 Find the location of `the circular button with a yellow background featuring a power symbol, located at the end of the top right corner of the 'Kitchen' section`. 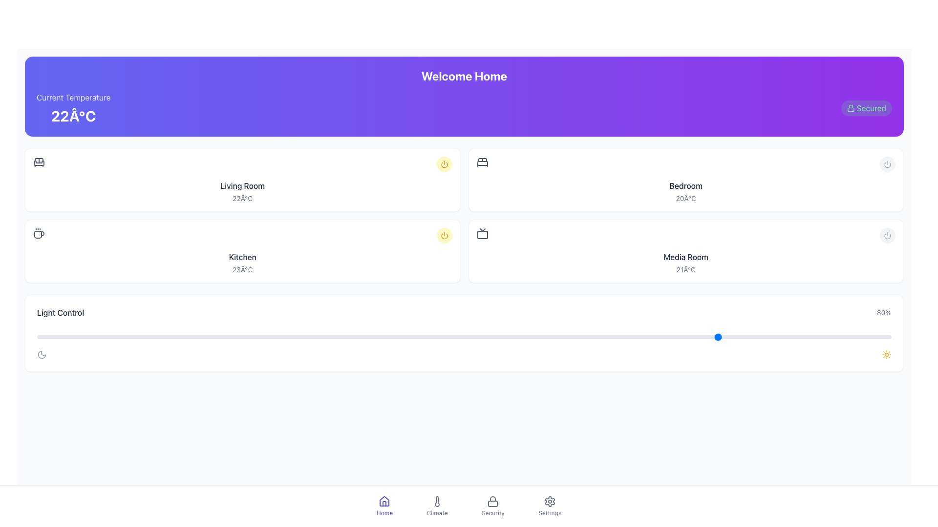

the circular button with a yellow background featuring a power symbol, located at the end of the top right corner of the 'Kitchen' section is located at coordinates (444, 235).